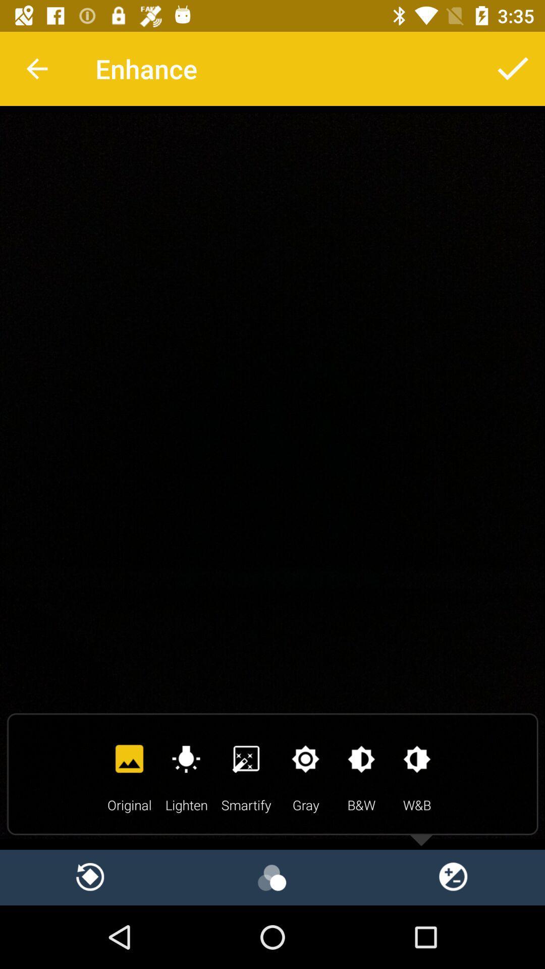 Image resolution: width=545 pixels, height=969 pixels. Describe the element at coordinates (513, 68) in the screenshot. I see `click the ok` at that location.